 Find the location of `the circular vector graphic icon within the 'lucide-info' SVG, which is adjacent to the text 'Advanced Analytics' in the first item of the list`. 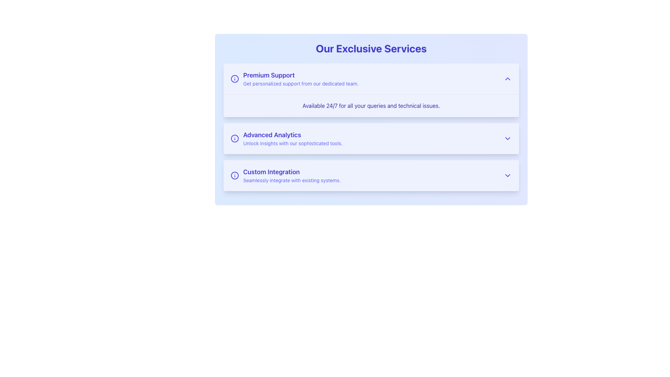

the circular vector graphic icon within the 'lucide-info' SVG, which is adjacent to the text 'Advanced Analytics' in the first item of the list is located at coordinates (234, 79).